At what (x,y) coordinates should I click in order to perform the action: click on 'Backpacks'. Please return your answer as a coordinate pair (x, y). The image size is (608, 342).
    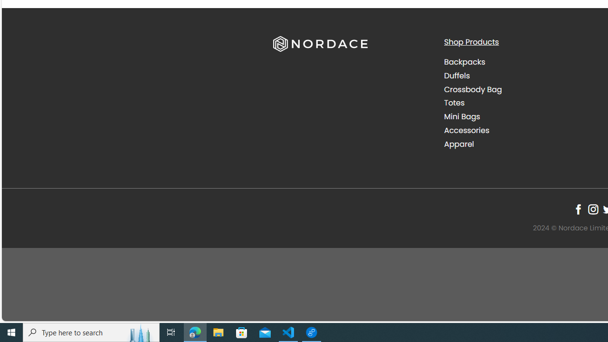
    Looking at the image, I should click on (522, 62).